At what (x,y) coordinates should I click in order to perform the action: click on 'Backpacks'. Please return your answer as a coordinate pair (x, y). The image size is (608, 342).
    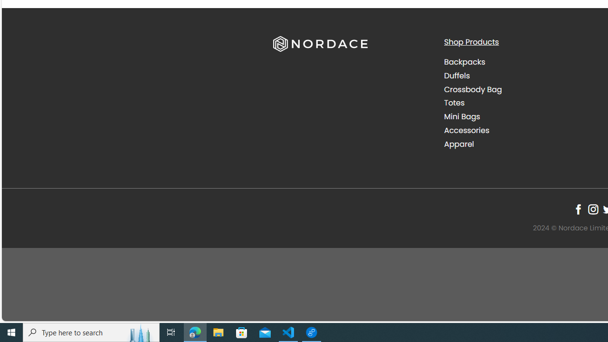
    Looking at the image, I should click on (522, 62).